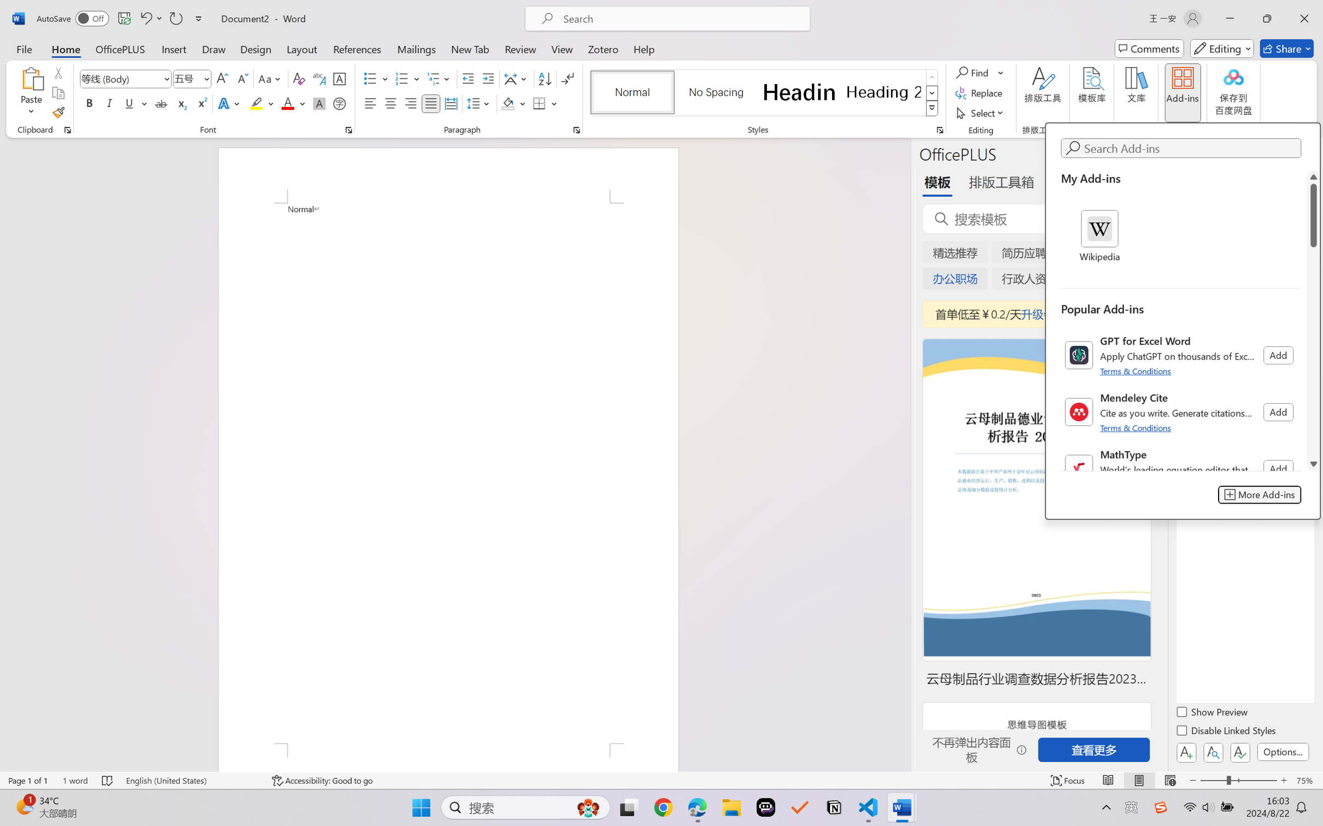 The image size is (1323, 826). I want to click on 'Mode', so click(1222, 48).